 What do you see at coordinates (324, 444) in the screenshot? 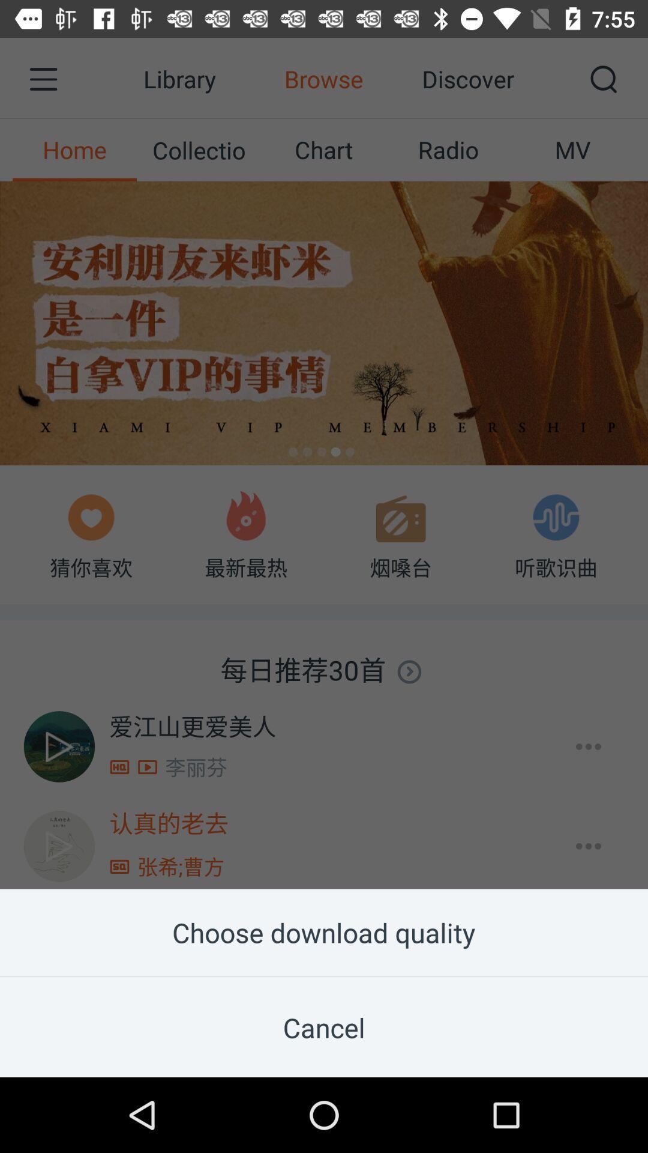
I see `icon above choose download quality app` at bounding box center [324, 444].